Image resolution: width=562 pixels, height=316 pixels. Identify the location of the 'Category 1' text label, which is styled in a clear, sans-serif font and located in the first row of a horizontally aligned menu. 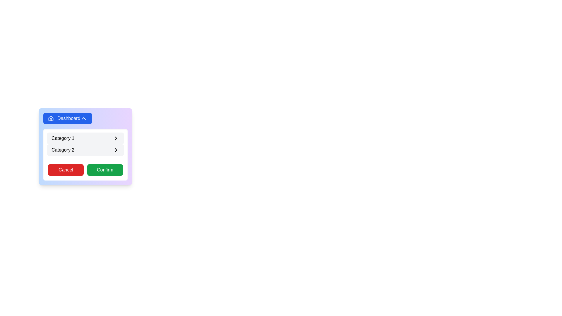
(63, 138).